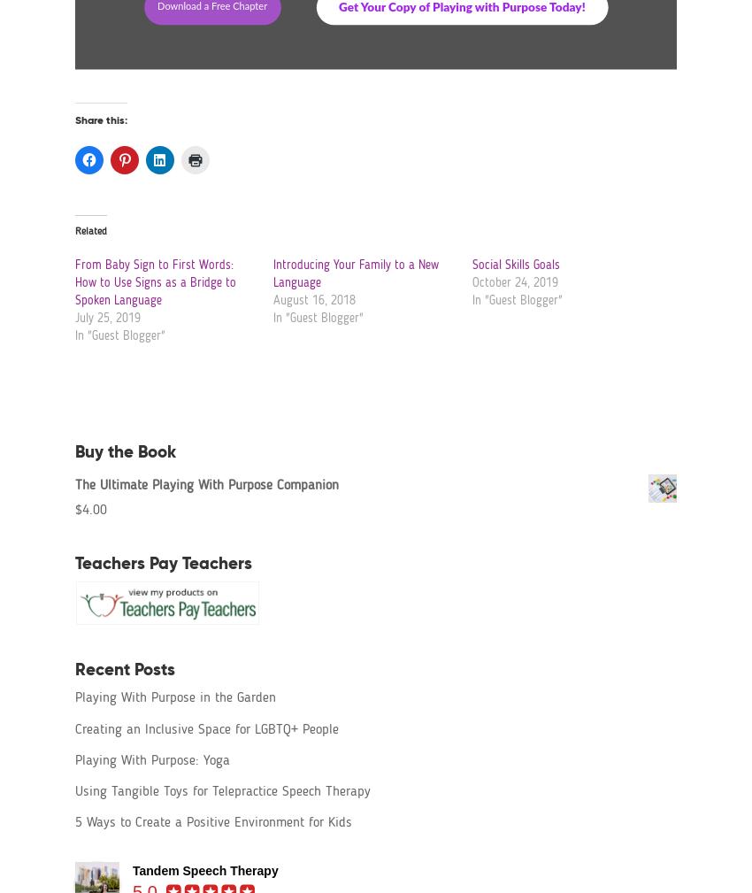  What do you see at coordinates (126, 451) in the screenshot?
I see `'Buy the Book'` at bounding box center [126, 451].